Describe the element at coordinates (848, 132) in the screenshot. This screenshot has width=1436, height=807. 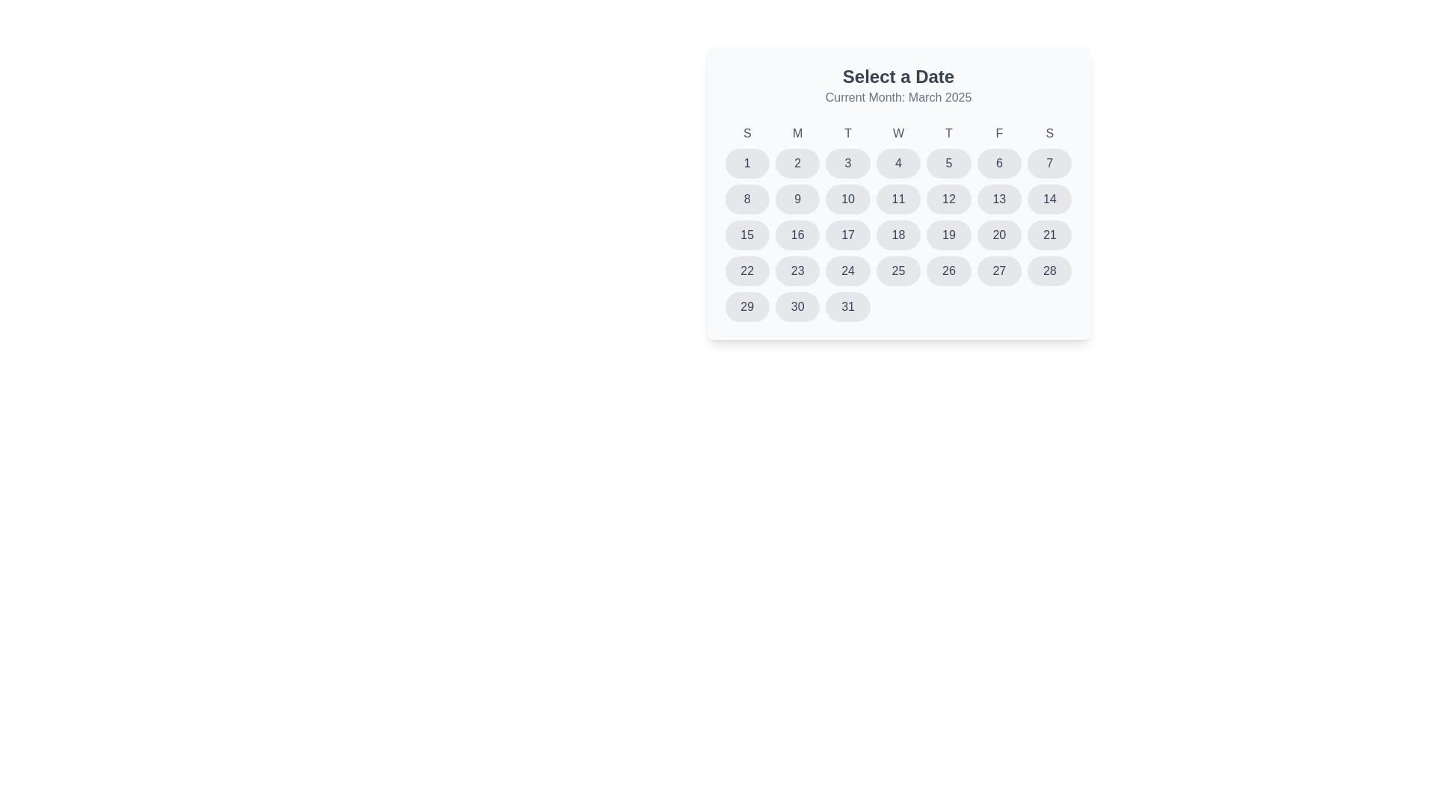
I see `the static text element labeled 'Tuesday' which is positioned as the third day in the week header of the calendar layout, located below the title 'Select a Date'` at that location.